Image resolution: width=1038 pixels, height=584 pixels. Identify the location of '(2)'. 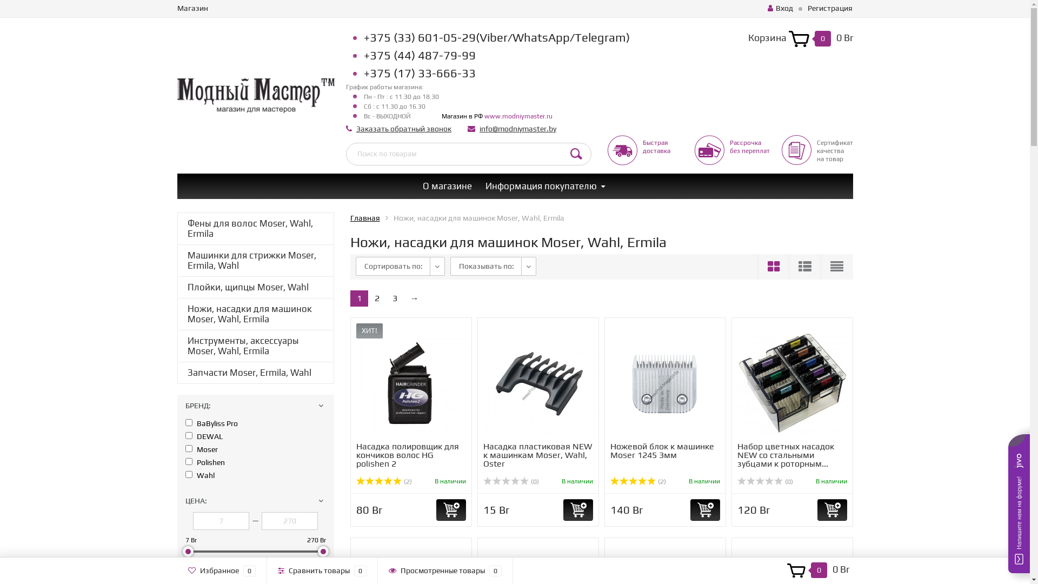
(384, 481).